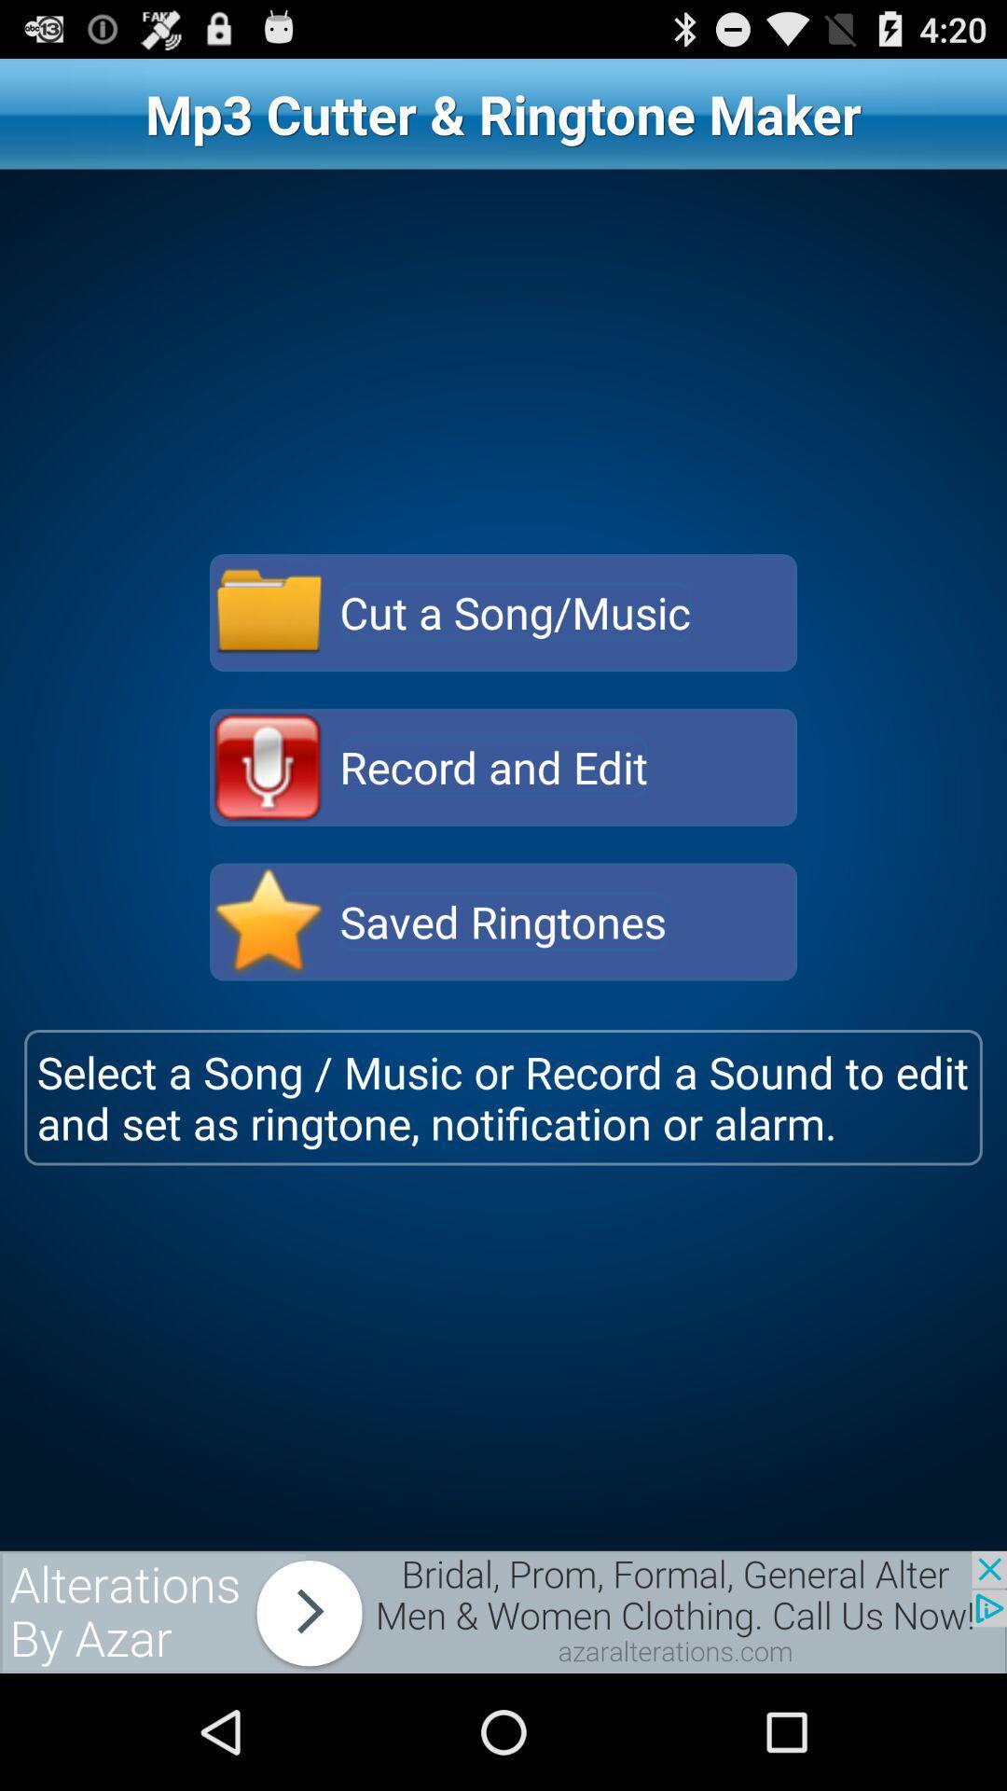  I want to click on the star icon, so click(269, 985).